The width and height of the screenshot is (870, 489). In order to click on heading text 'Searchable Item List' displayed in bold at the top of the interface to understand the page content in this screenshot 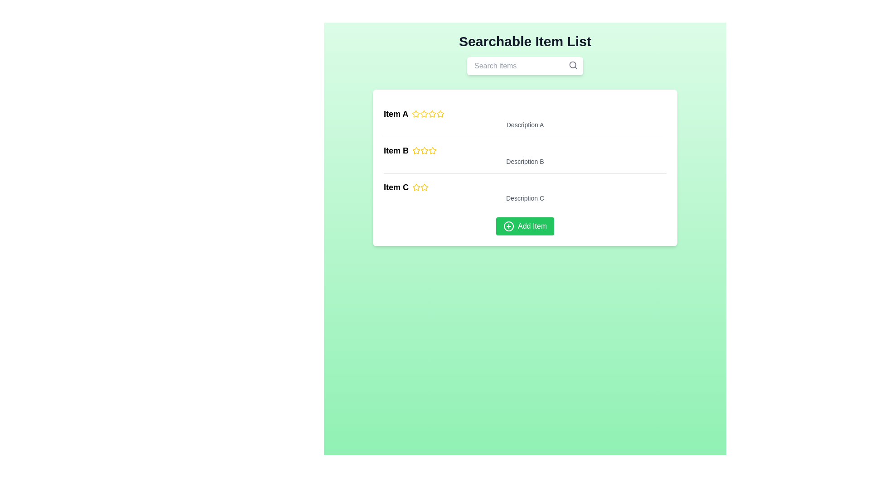, I will do `click(525, 54)`.